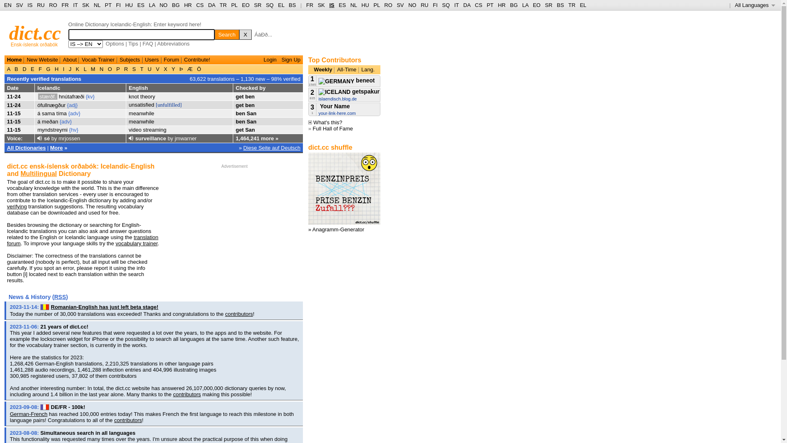 The image size is (787, 443). Describe the element at coordinates (125, 69) in the screenshot. I see `'R'` at that location.